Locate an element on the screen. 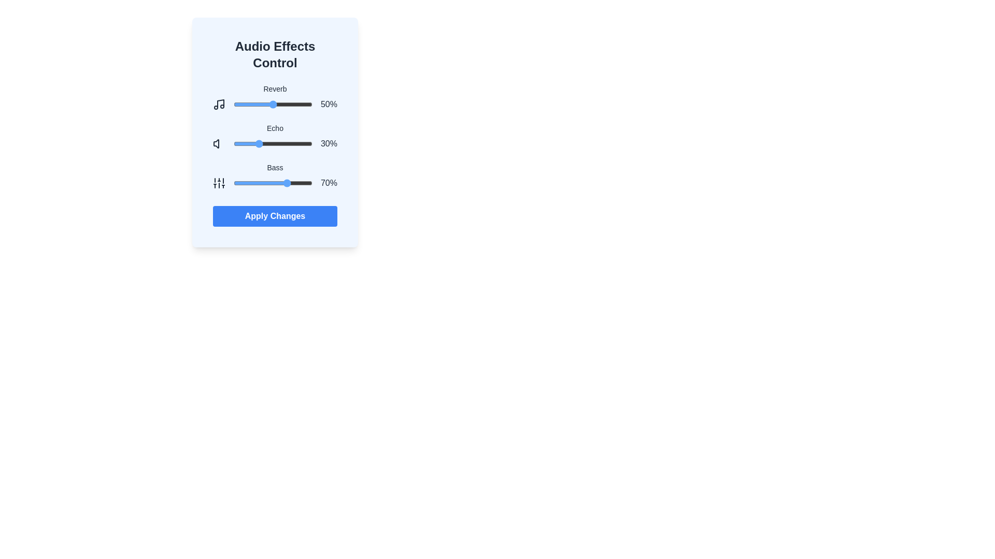 This screenshot has height=559, width=995. the bass level is located at coordinates (260, 183).